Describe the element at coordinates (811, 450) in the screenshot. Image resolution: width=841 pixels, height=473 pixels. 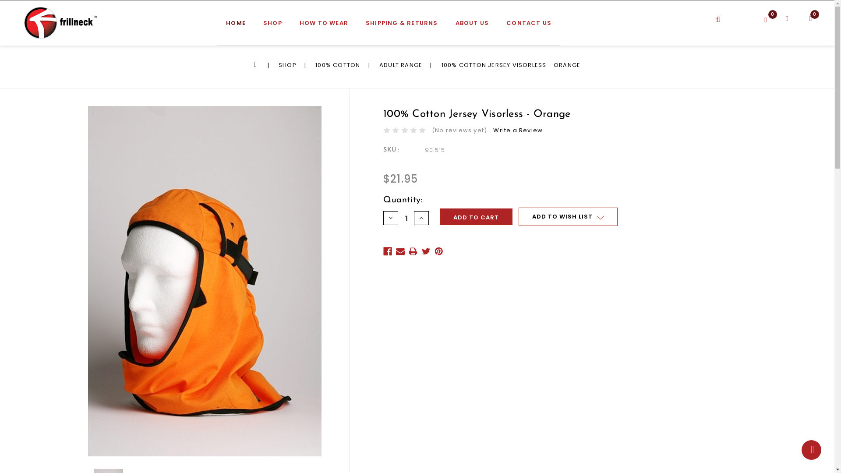
I see `'Scroll'` at that location.